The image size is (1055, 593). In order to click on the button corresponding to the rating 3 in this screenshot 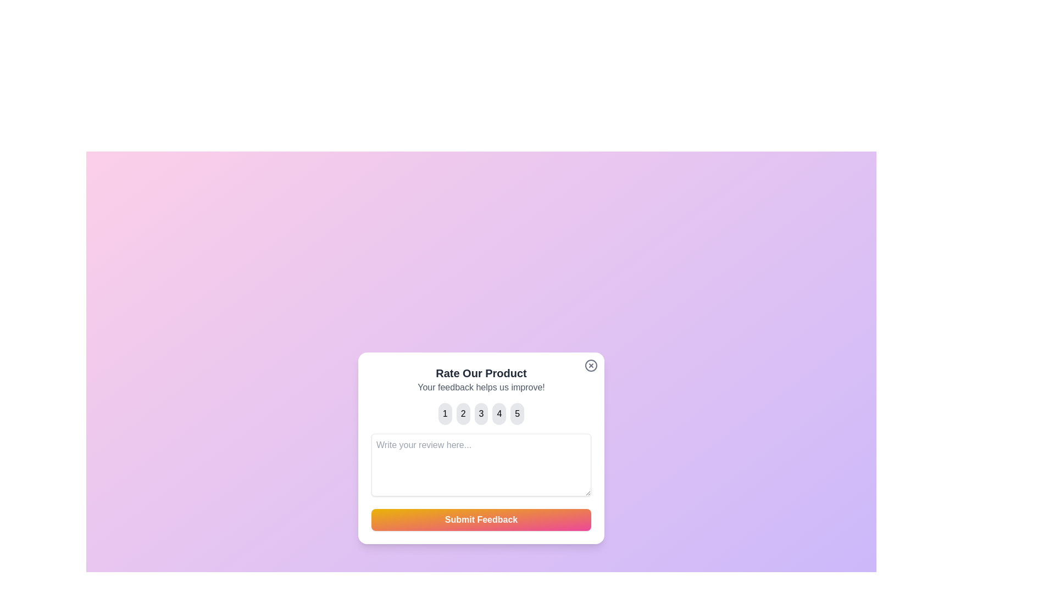, I will do `click(481, 413)`.